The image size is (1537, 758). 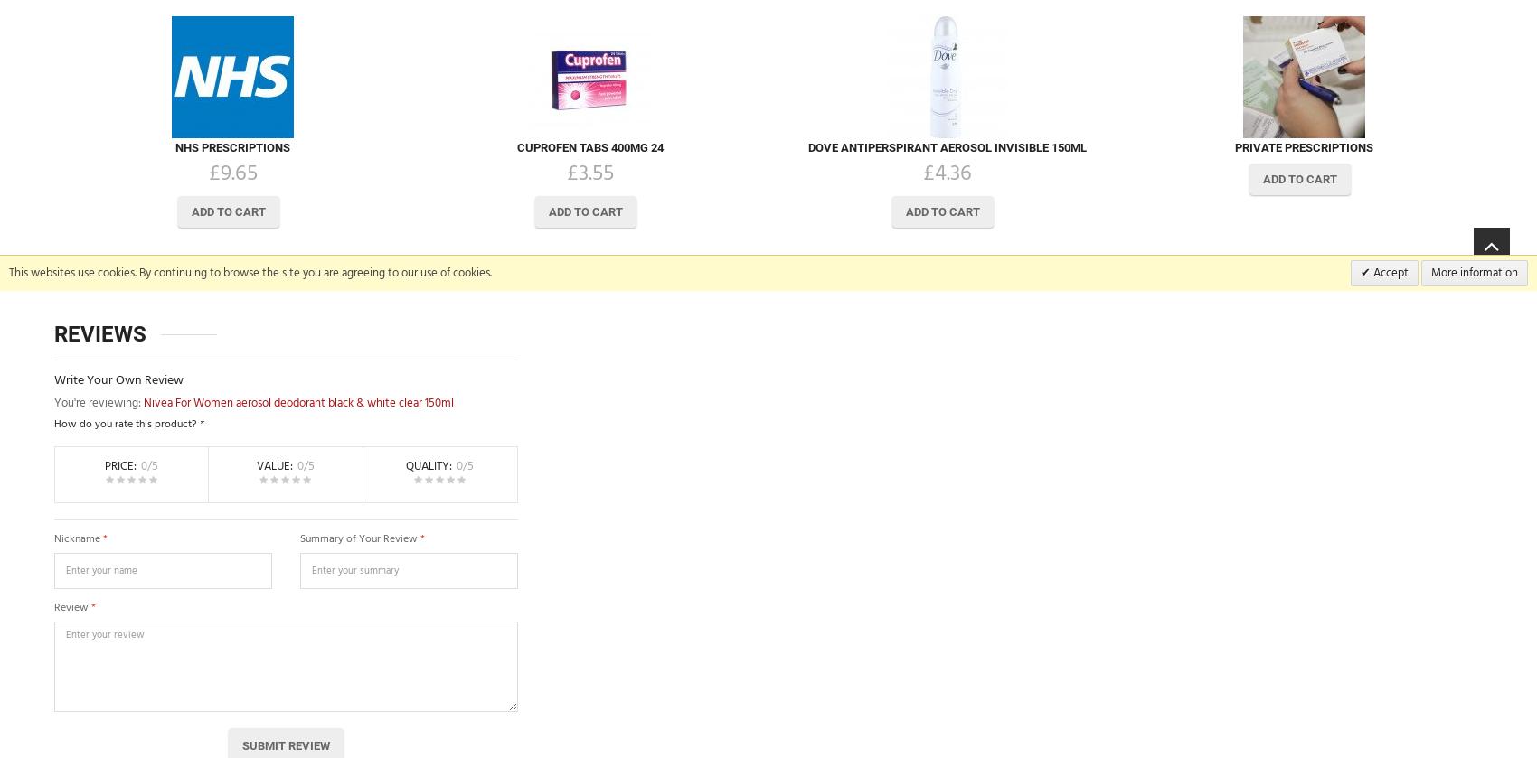 What do you see at coordinates (98, 401) in the screenshot?
I see `'You're reviewing:'` at bounding box center [98, 401].